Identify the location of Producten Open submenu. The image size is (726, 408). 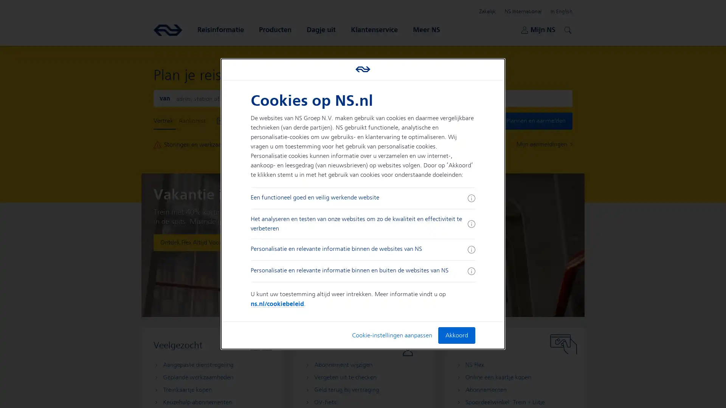
(275, 29).